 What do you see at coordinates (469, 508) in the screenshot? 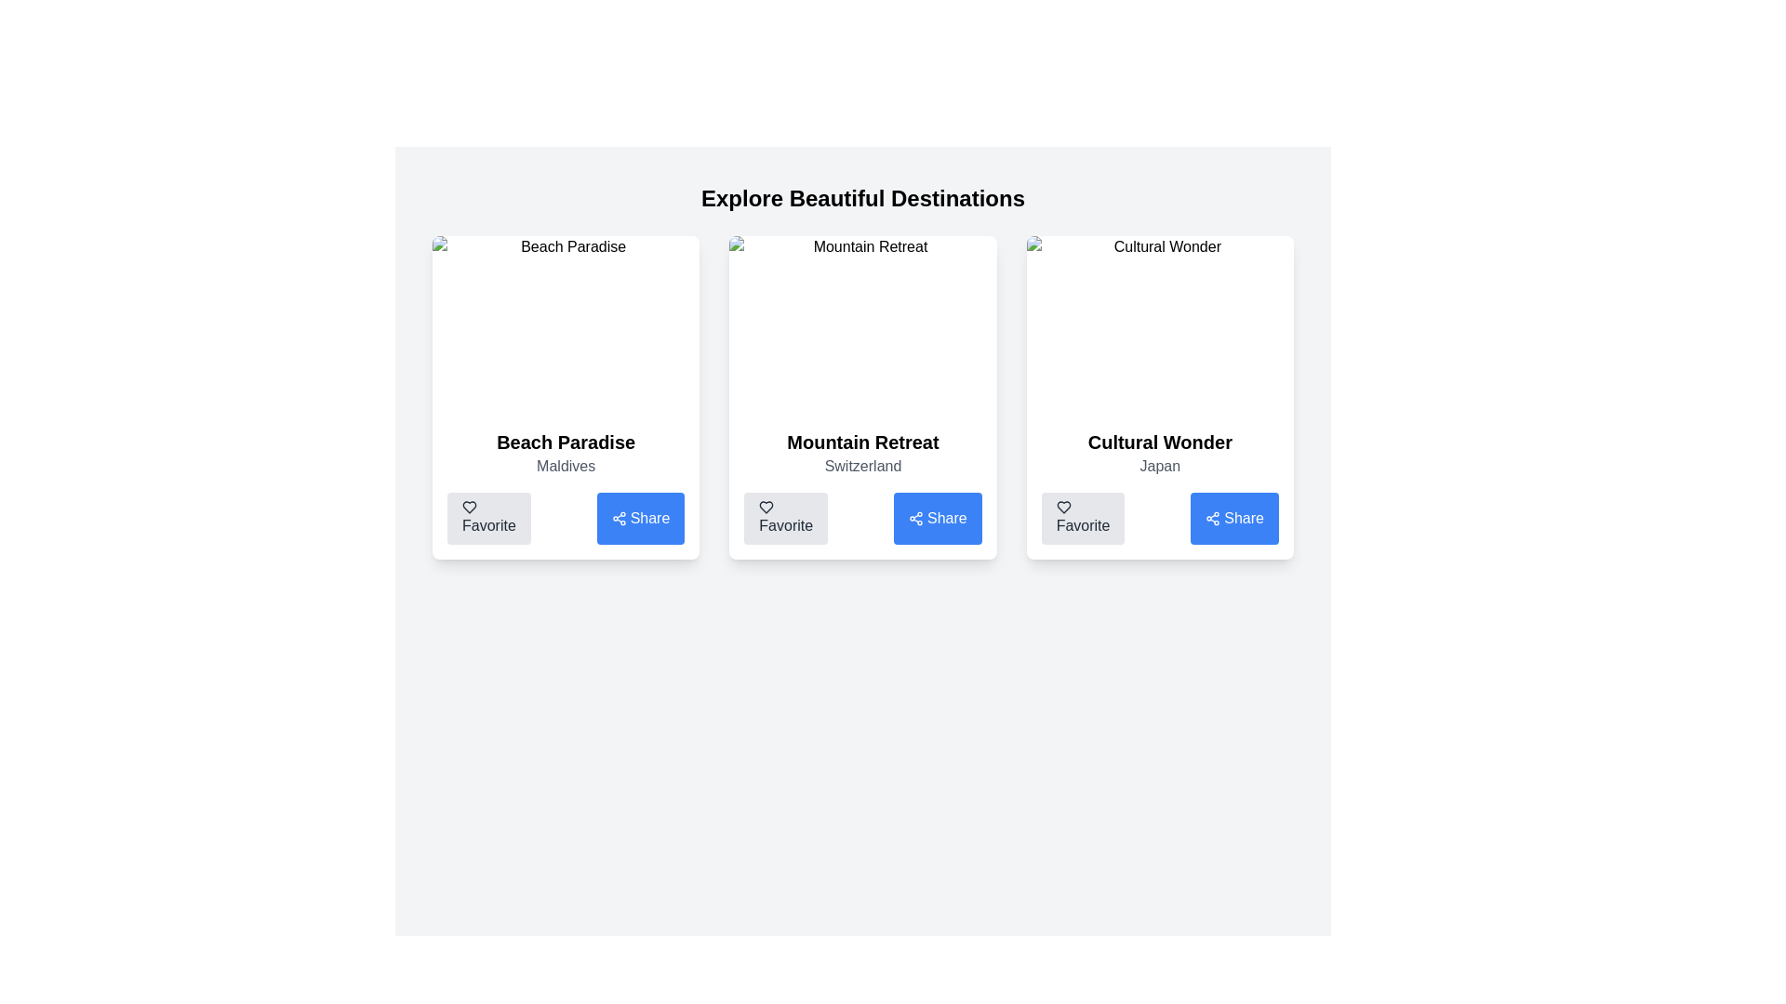
I see `the heart-shaped icon located in the bottom-left corner of the 'Beach Paradise' card, which is styled in a minimalistic design and serves as a button or indicator for 'Favorite'` at bounding box center [469, 508].